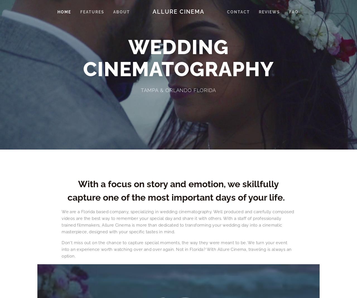 The height and width of the screenshot is (298, 357). Describe the element at coordinates (121, 11) in the screenshot. I see `'About'` at that location.